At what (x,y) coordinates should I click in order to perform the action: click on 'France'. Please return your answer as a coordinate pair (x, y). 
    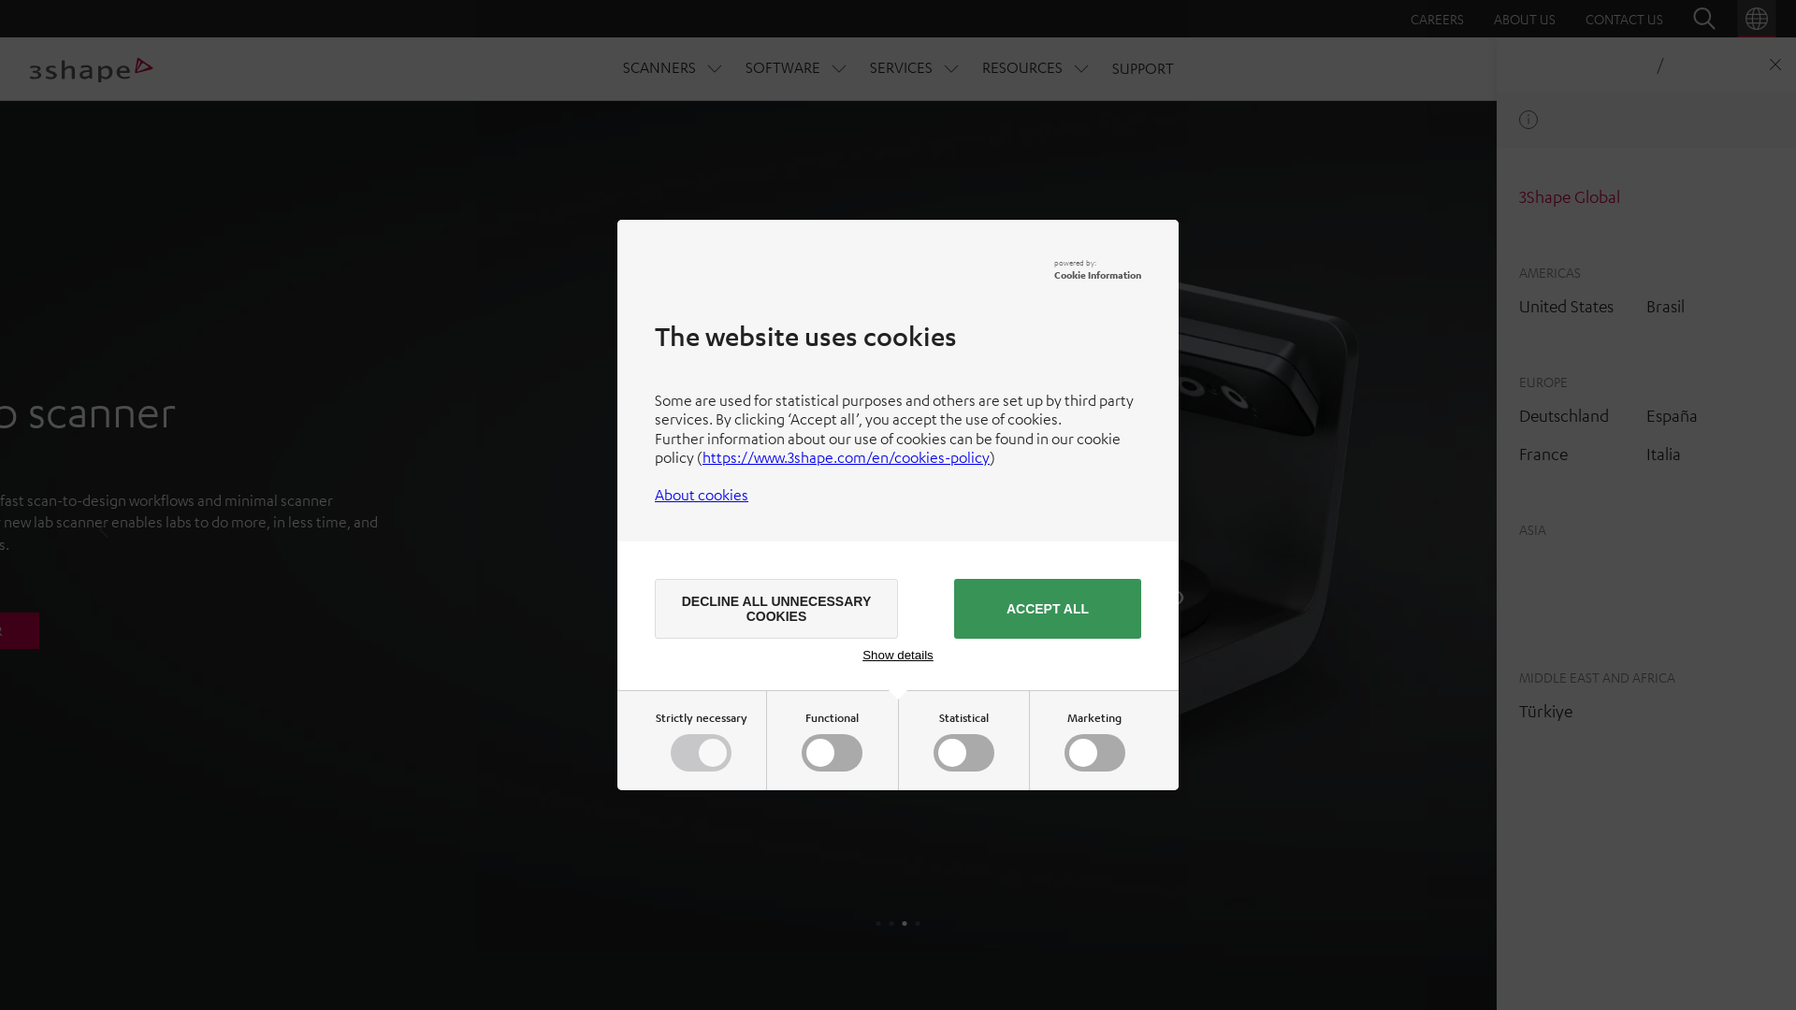
    Looking at the image, I should click on (1543, 454).